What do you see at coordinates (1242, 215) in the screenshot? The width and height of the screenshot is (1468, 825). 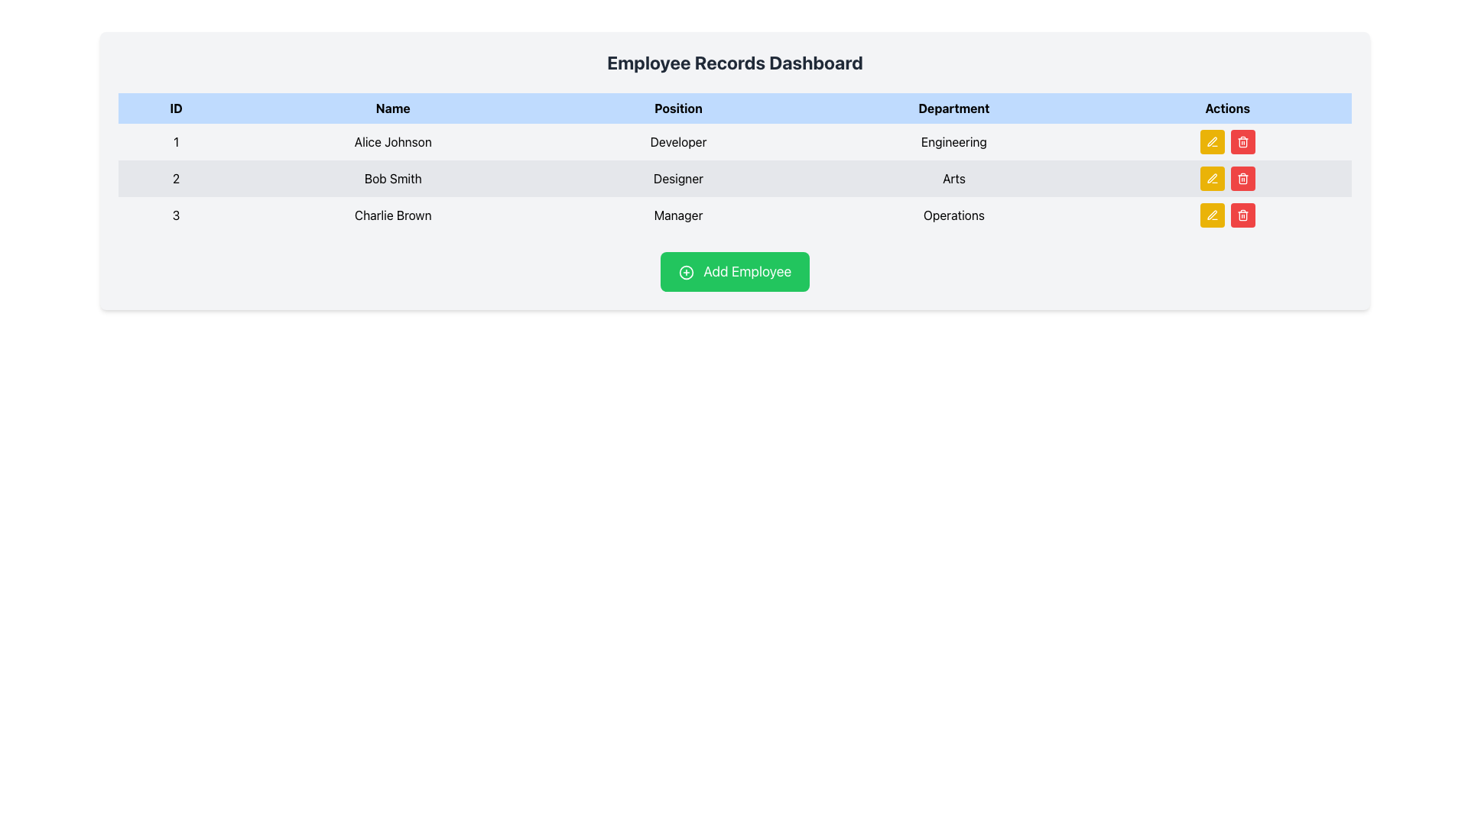 I see `the red button with a trash bin icon located in the 'Actions' column of the third row for employee 'Charlie Brown'` at bounding box center [1242, 215].